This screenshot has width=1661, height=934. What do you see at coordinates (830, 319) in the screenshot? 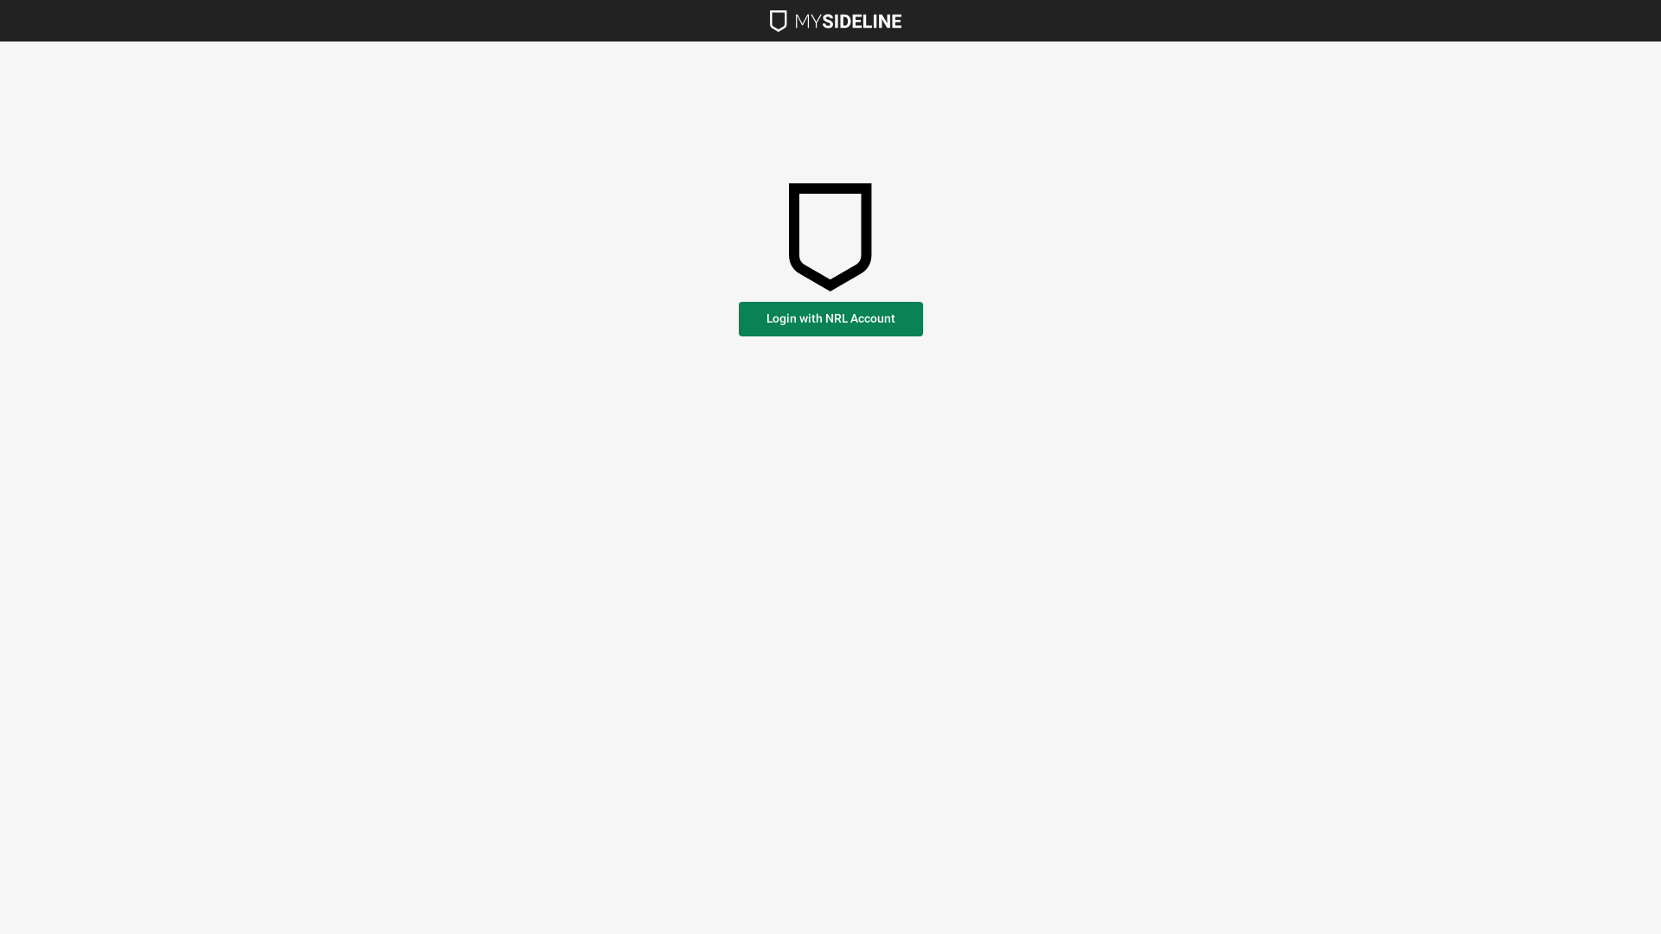
I see `'Login with NRL Account'` at bounding box center [830, 319].